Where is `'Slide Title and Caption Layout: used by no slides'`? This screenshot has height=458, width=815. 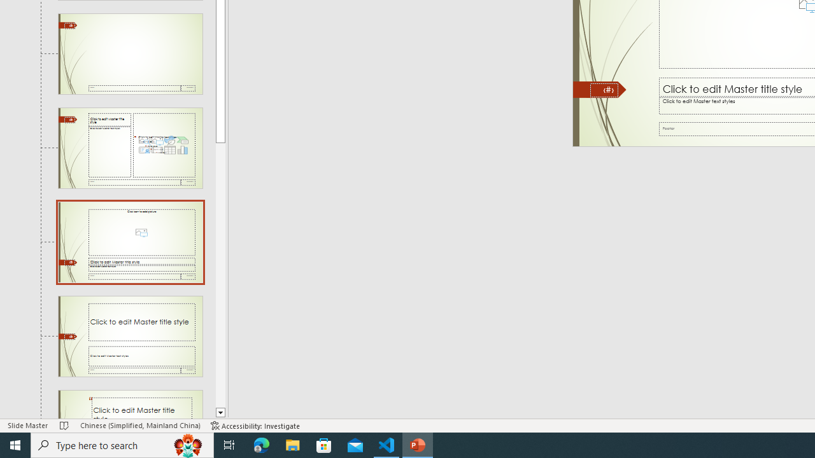
'Slide Title and Caption Layout: used by no slides' is located at coordinates (130, 335).